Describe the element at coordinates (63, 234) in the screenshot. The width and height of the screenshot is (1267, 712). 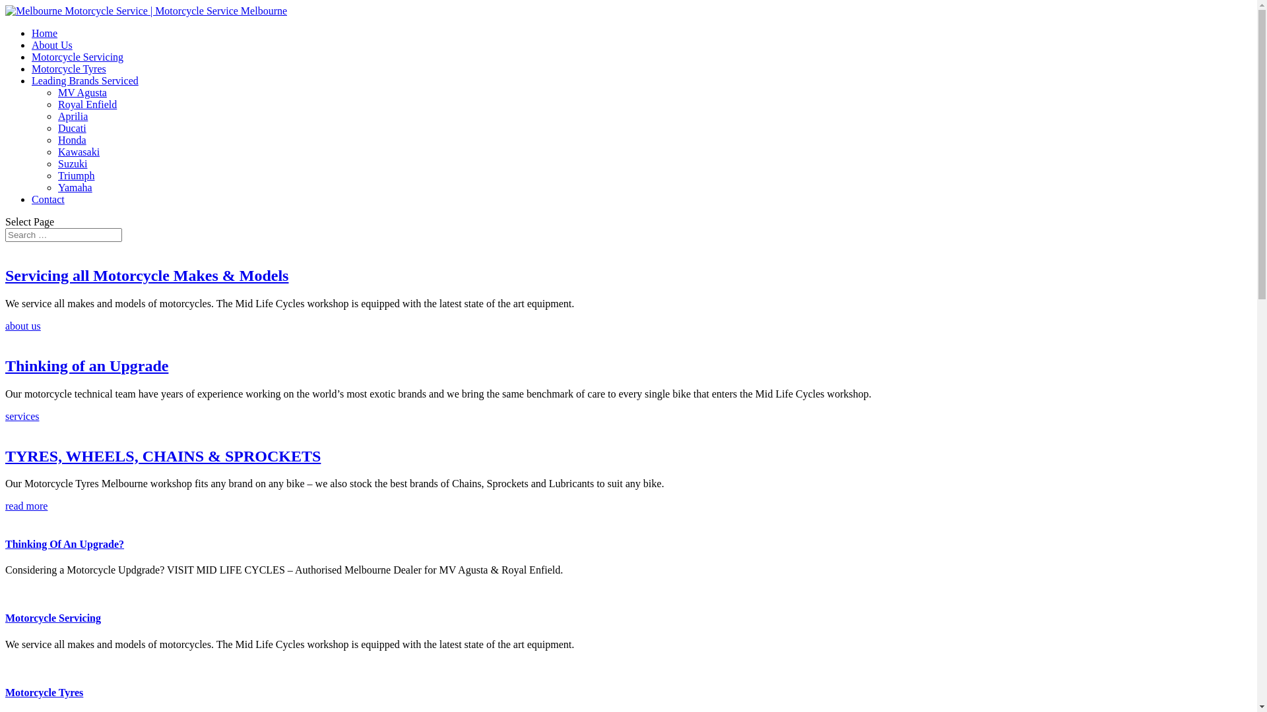
I see `'Search for:'` at that location.